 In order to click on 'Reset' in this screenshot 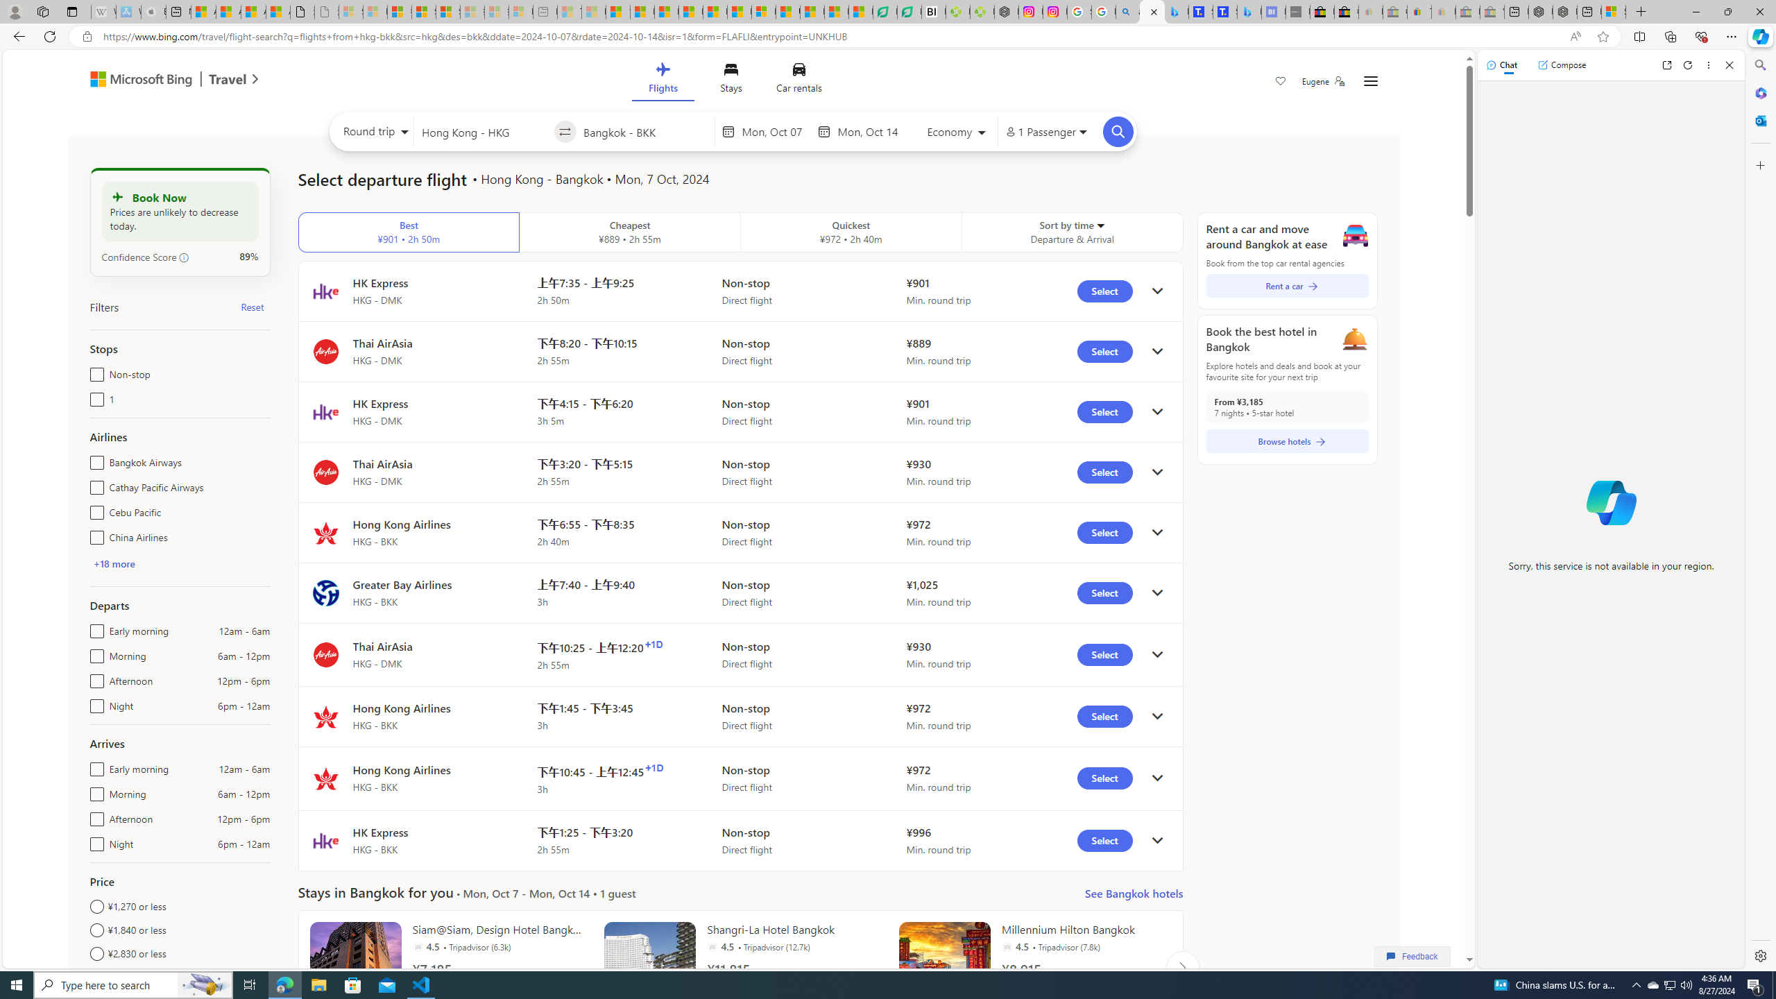, I will do `click(251, 306)`.